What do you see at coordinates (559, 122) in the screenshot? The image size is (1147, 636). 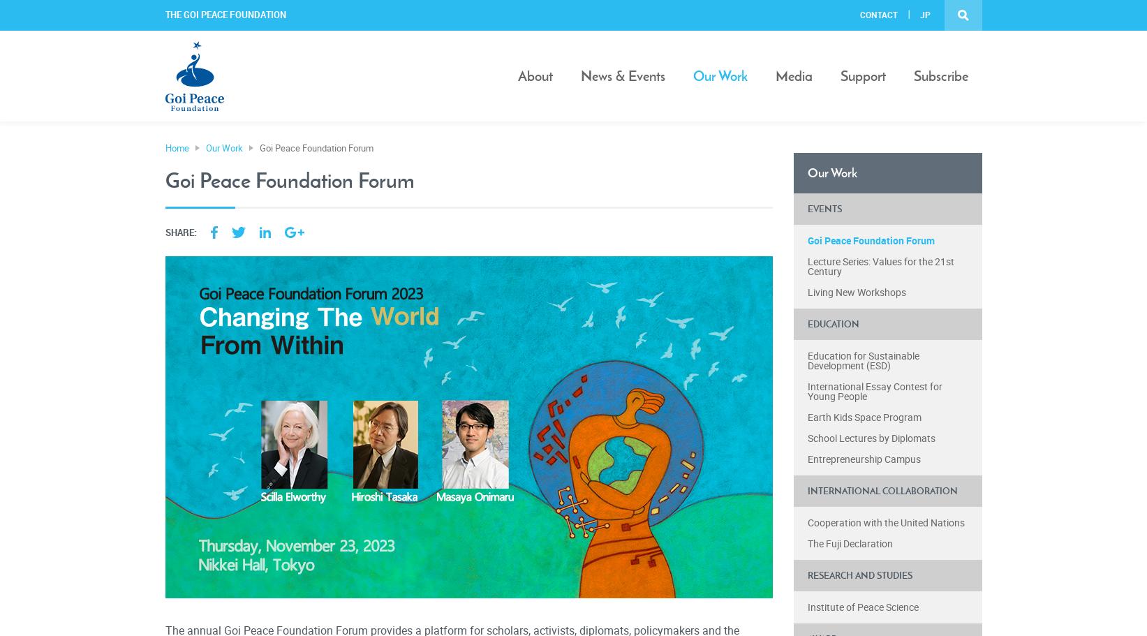 I see `'Foundation Profile'` at bounding box center [559, 122].